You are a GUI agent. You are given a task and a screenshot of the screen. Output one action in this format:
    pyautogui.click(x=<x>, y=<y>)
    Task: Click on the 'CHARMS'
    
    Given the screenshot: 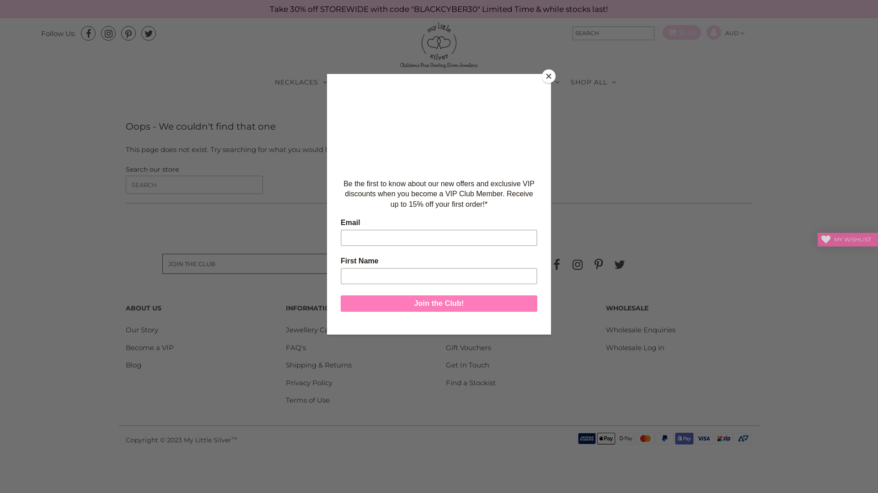 What is the action you would take?
    pyautogui.click(x=478, y=82)
    